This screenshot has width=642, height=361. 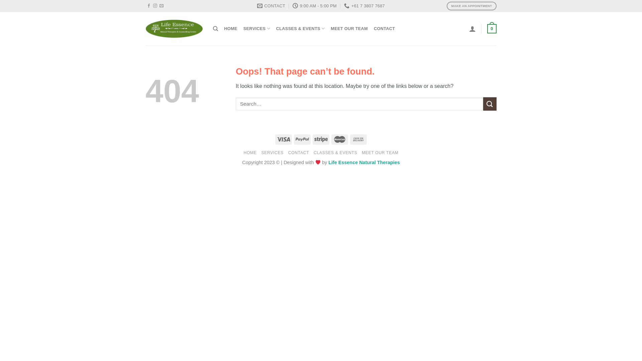 What do you see at coordinates (364, 6) in the screenshot?
I see `'+61 7 3807 7687'` at bounding box center [364, 6].